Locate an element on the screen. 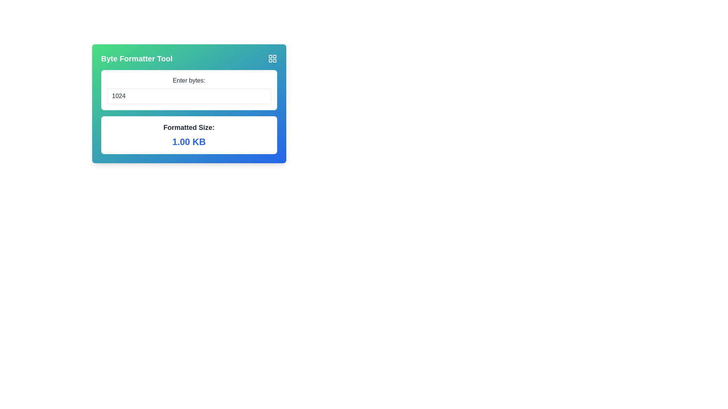 Image resolution: width=728 pixels, height=409 pixels. the text within the input field of the 'Byte Formatter Tool' composite element, which consists of a label and an input field for numeric values is located at coordinates (189, 90).